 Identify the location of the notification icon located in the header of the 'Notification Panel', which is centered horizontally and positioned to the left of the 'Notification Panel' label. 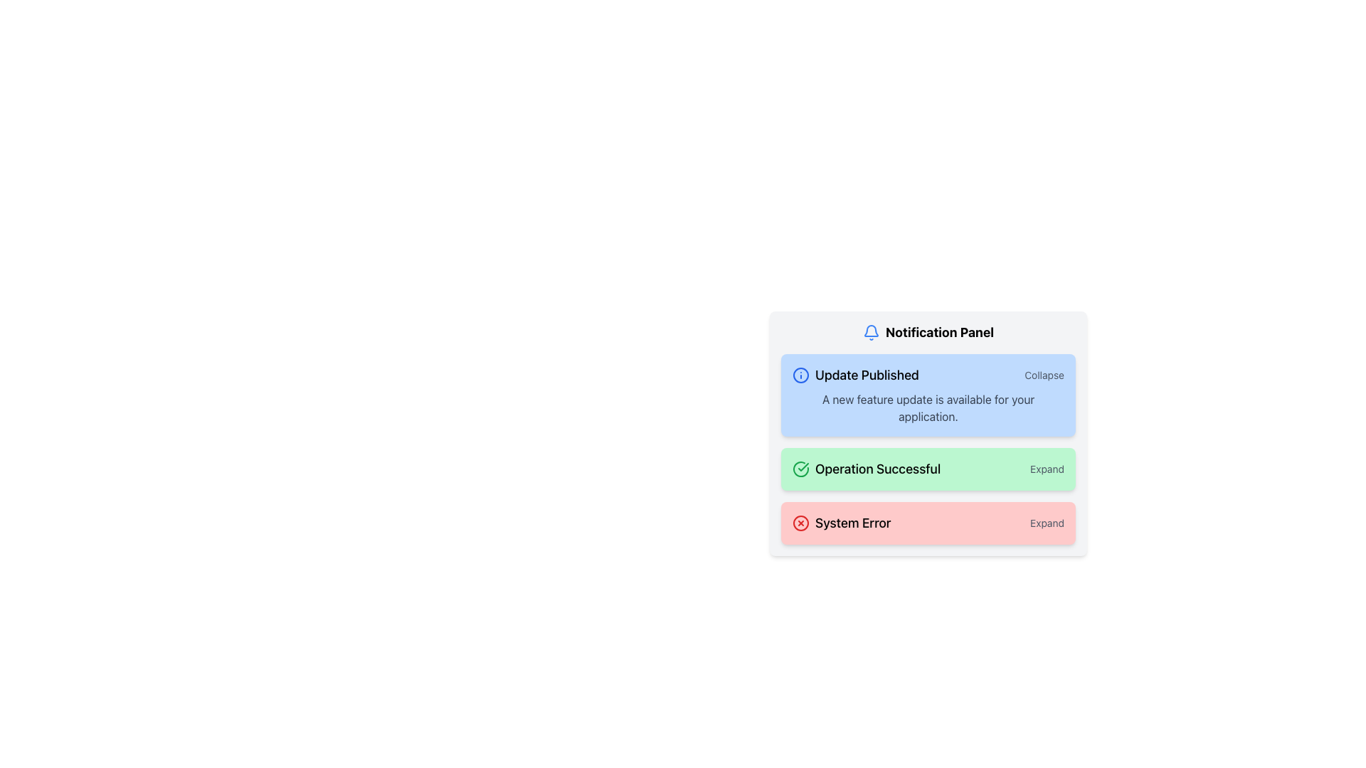
(870, 332).